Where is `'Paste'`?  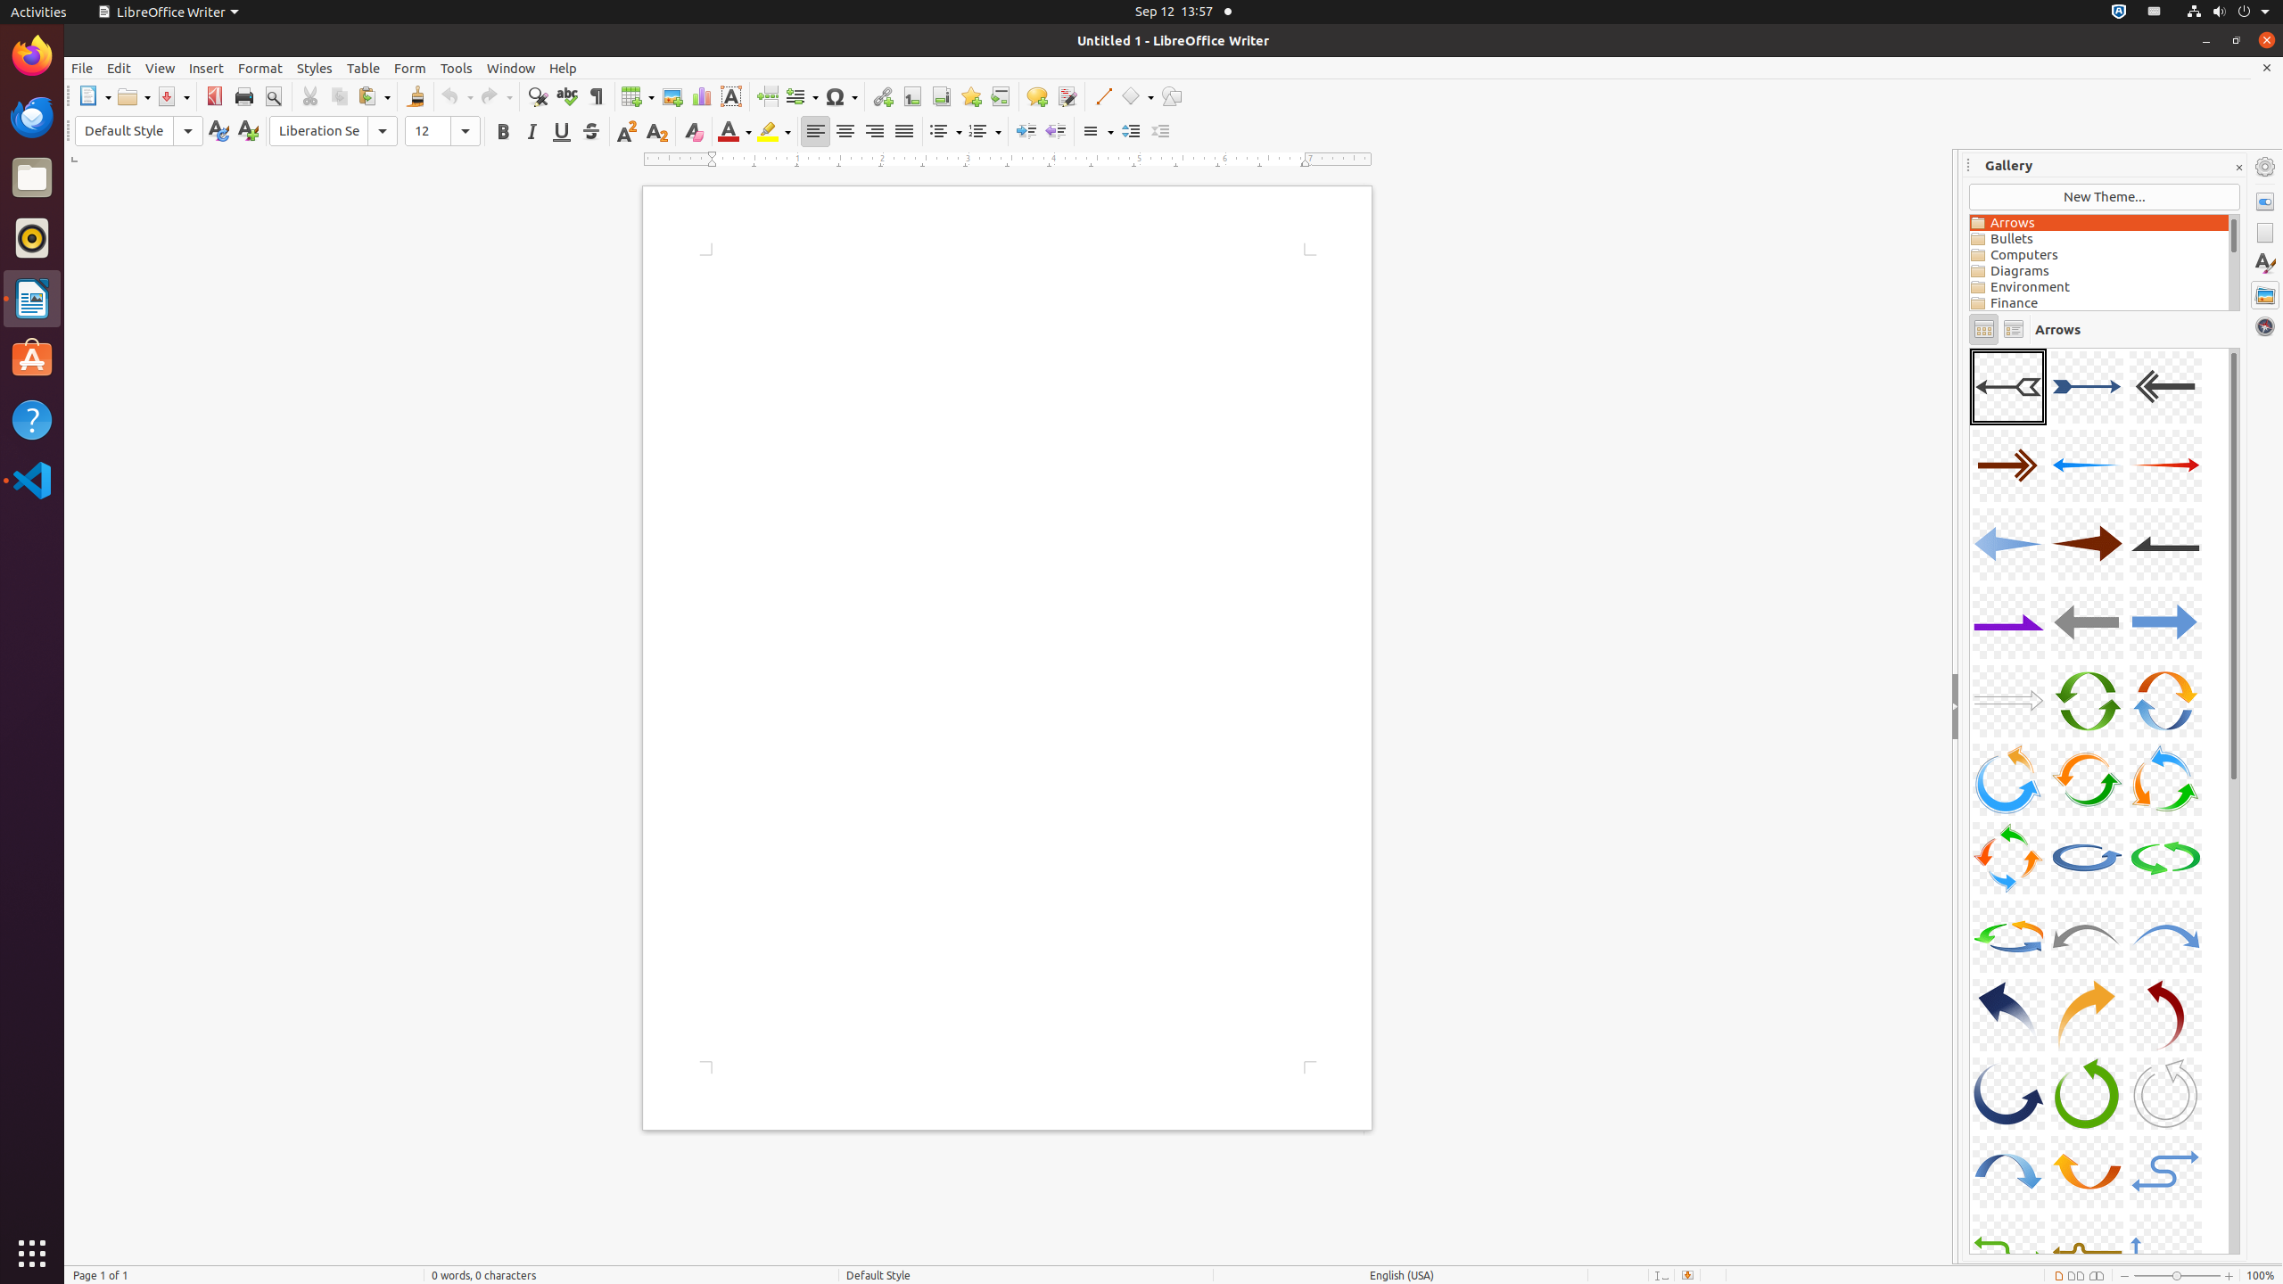
'Paste' is located at coordinates (374, 95).